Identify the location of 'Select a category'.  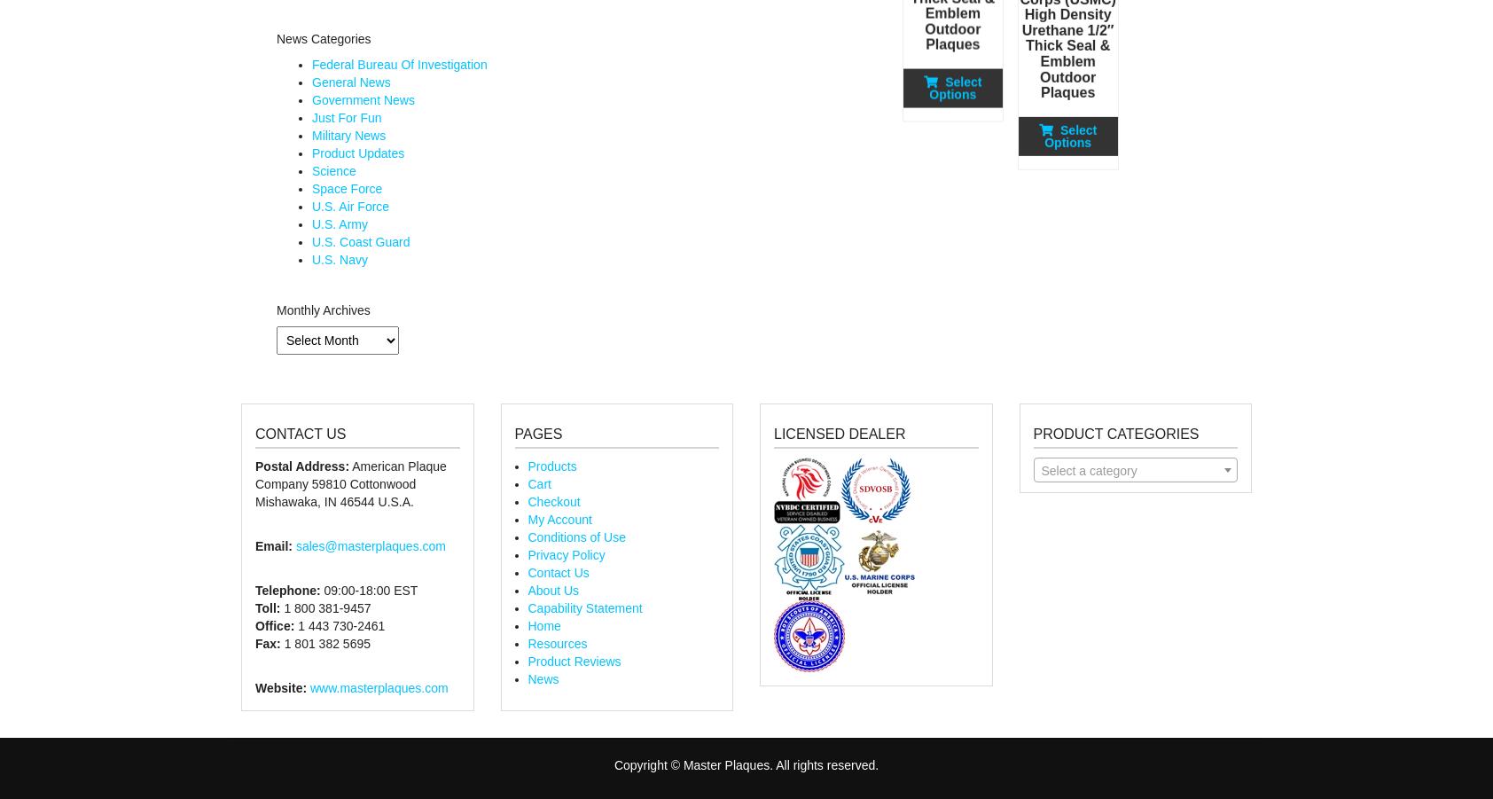
(1088, 469).